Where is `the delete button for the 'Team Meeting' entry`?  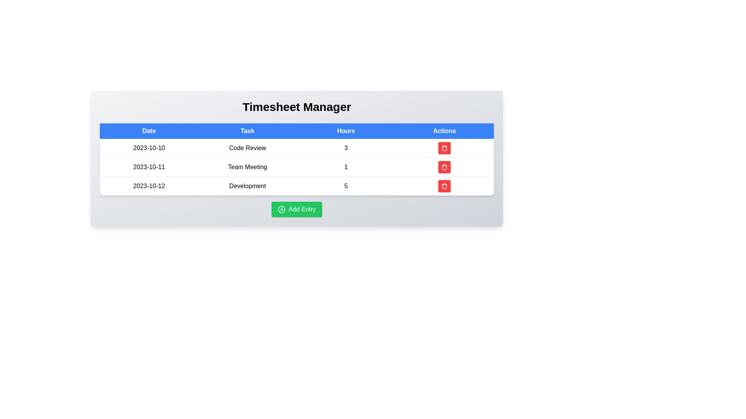 the delete button for the 'Team Meeting' entry is located at coordinates (444, 167).